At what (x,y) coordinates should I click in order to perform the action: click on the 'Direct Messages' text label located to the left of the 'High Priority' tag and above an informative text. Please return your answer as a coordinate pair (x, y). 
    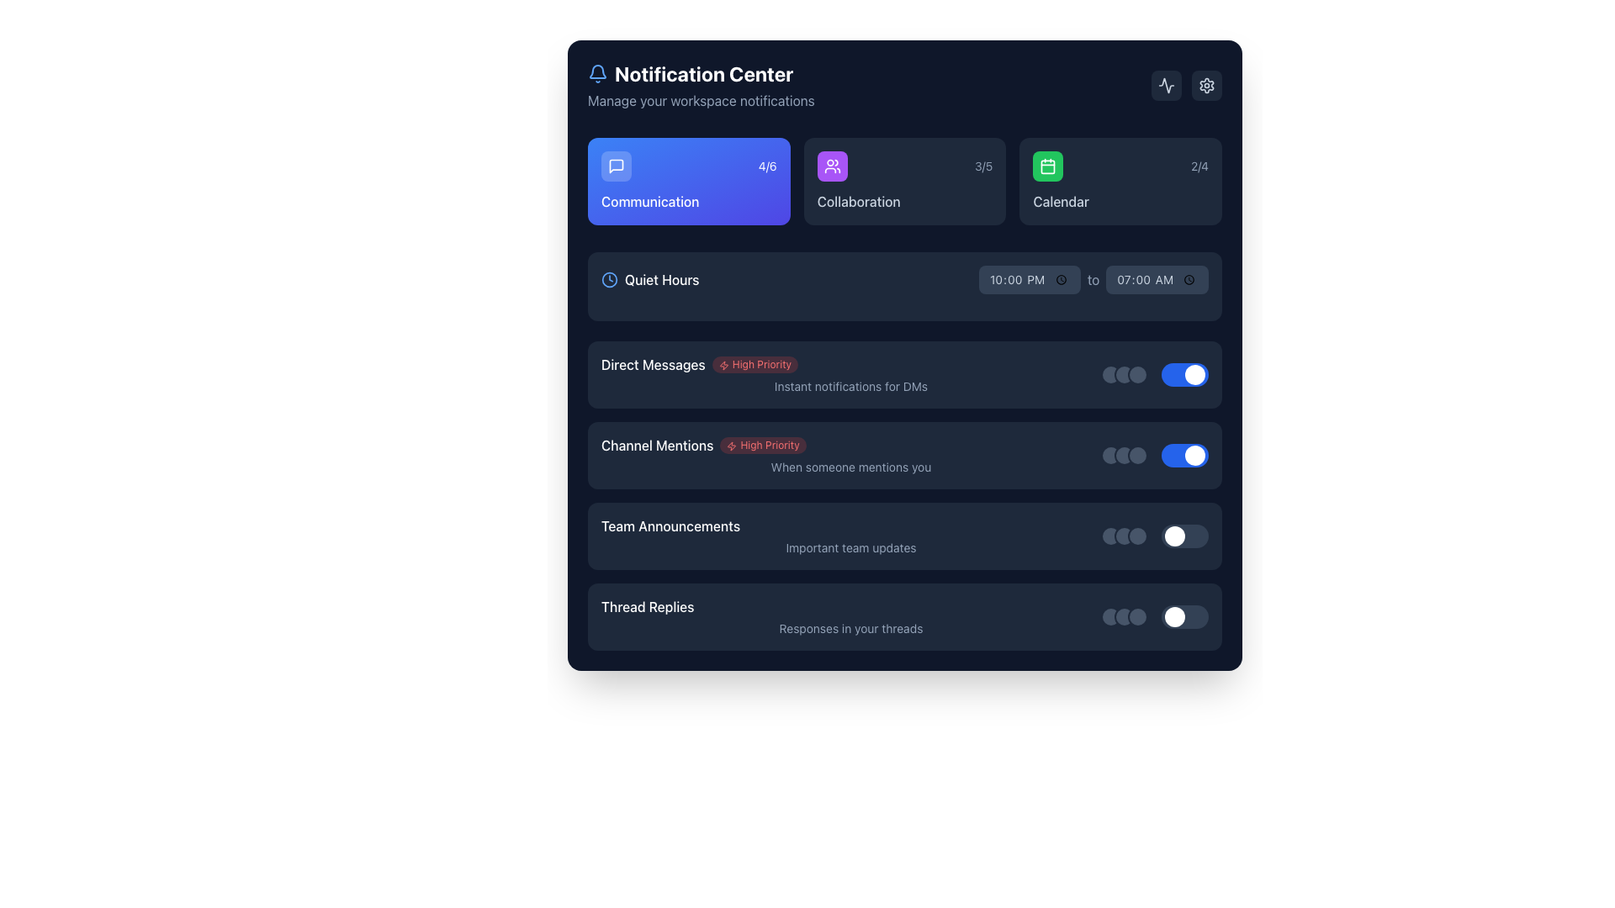
    Looking at the image, I should click on (652, 364).